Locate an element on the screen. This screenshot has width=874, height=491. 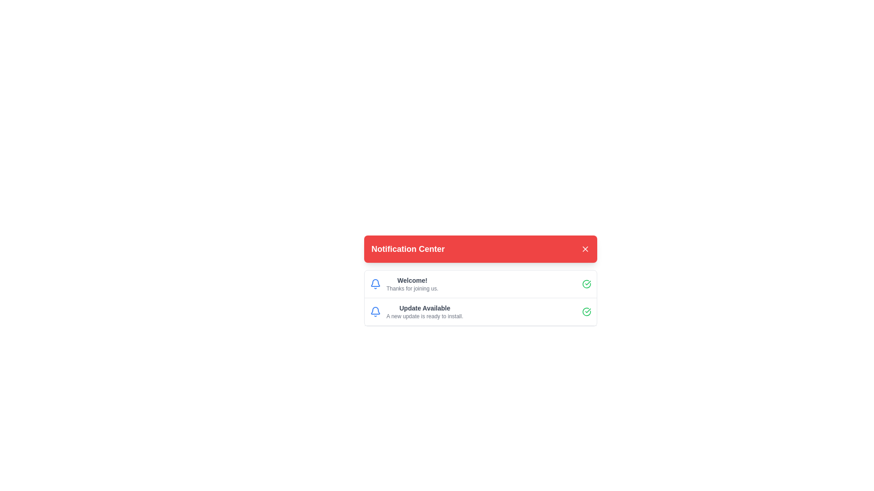
the Text Label providing additional context below the 'Welcome!' heading in the Notification Center is located at coordinates (412, 289).